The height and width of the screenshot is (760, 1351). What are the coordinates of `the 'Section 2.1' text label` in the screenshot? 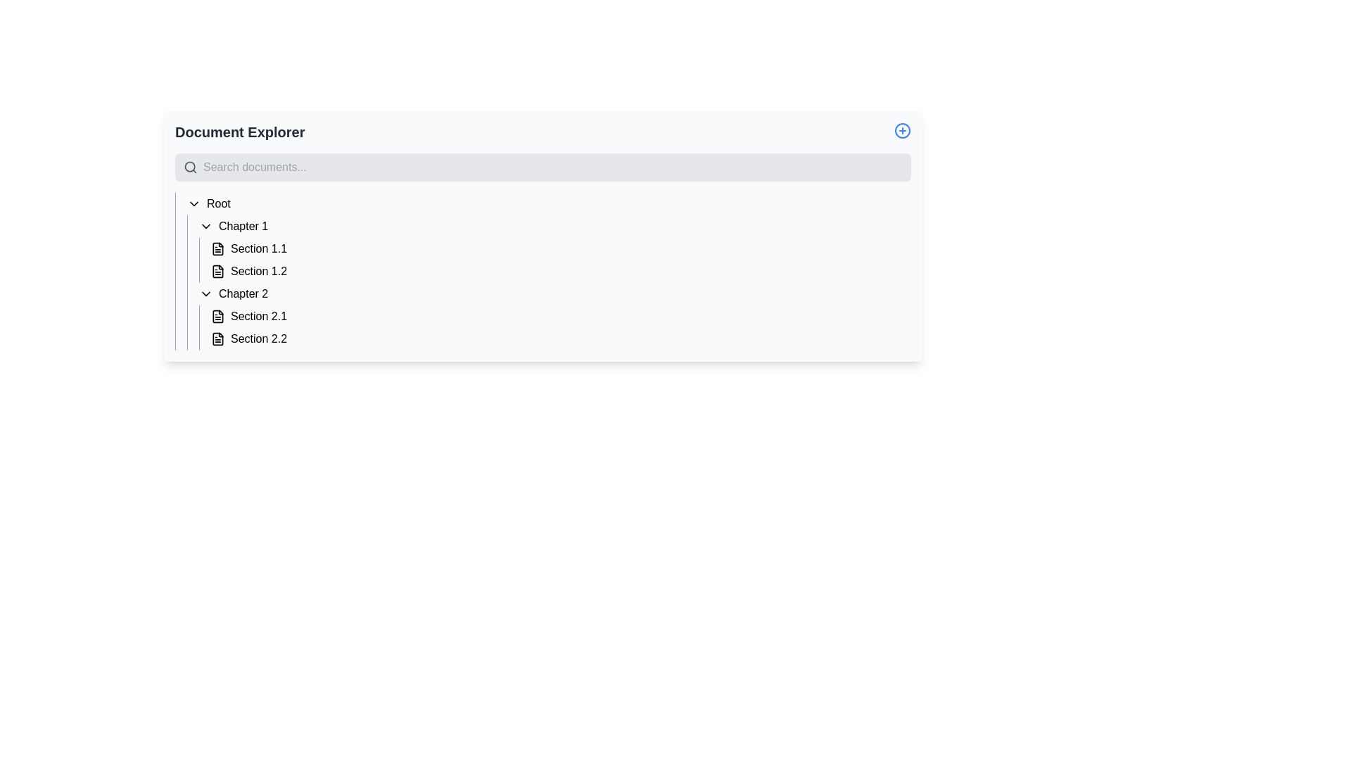 It's located at (259, 317).